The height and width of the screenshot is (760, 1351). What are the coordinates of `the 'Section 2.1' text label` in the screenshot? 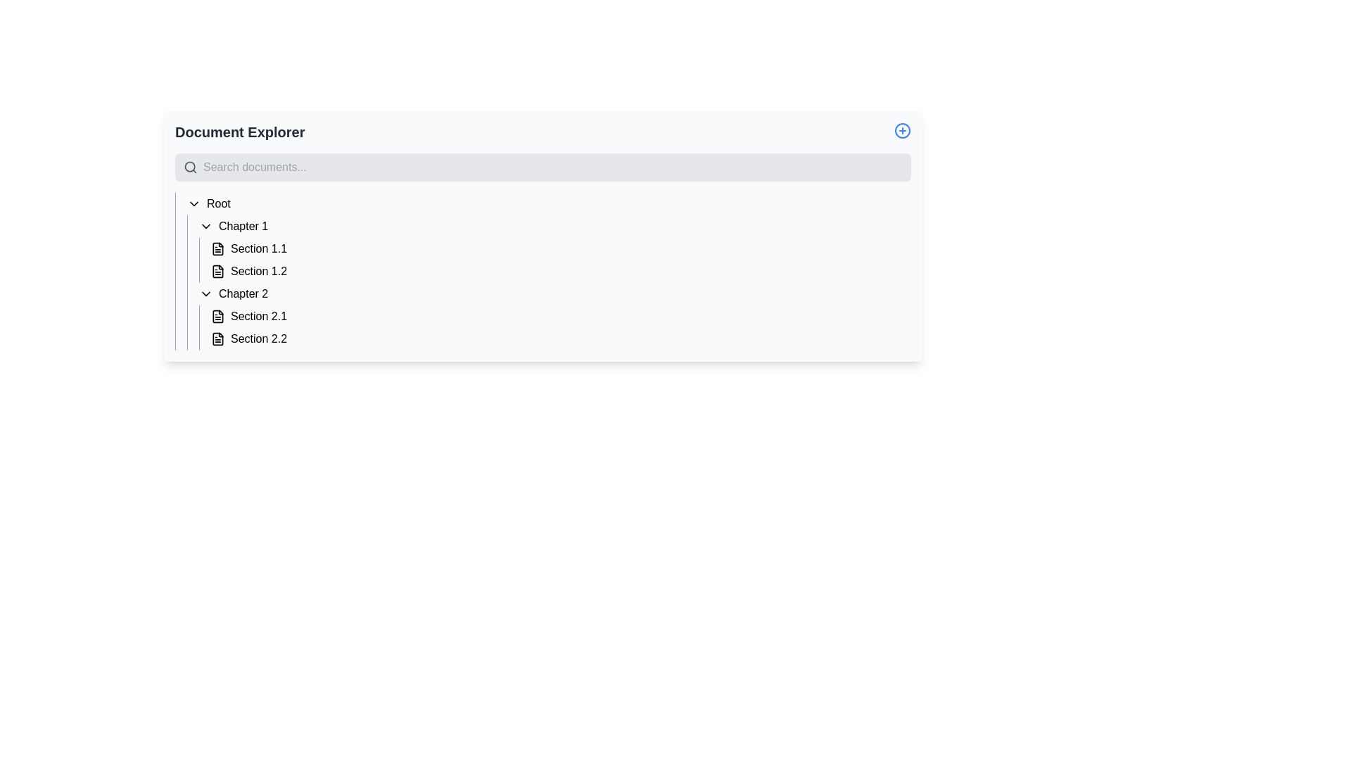 It's located at (259, 317).